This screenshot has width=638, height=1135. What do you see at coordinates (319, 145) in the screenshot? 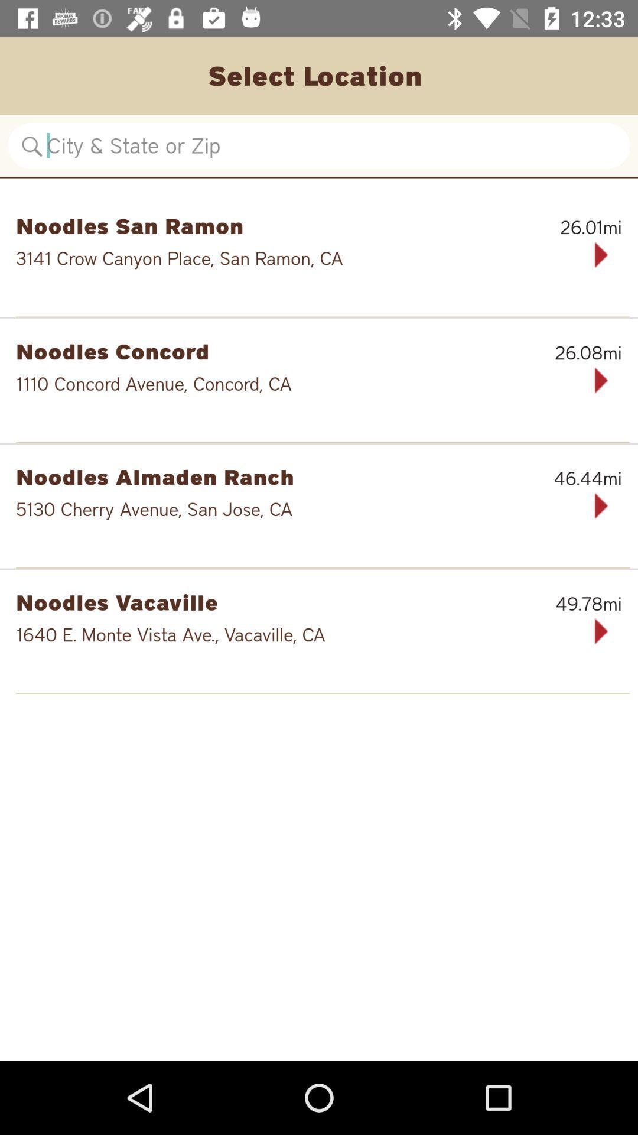
I see `search location` at bounding box center [319, 145].